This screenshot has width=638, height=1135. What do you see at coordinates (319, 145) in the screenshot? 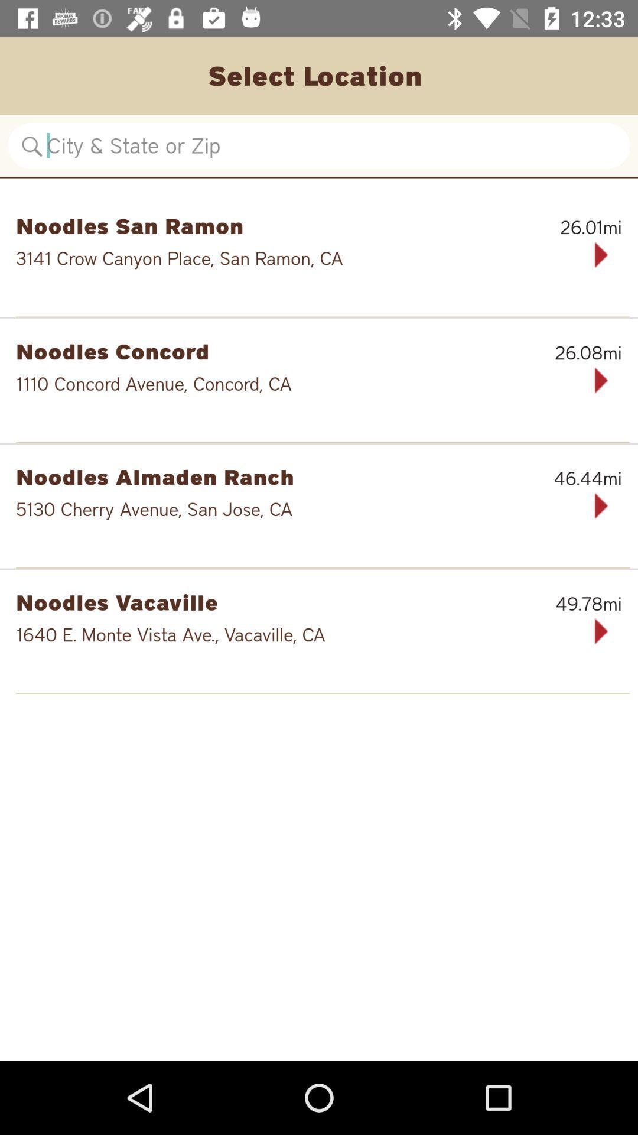
I see `search location` at bounding box center [319, 145].